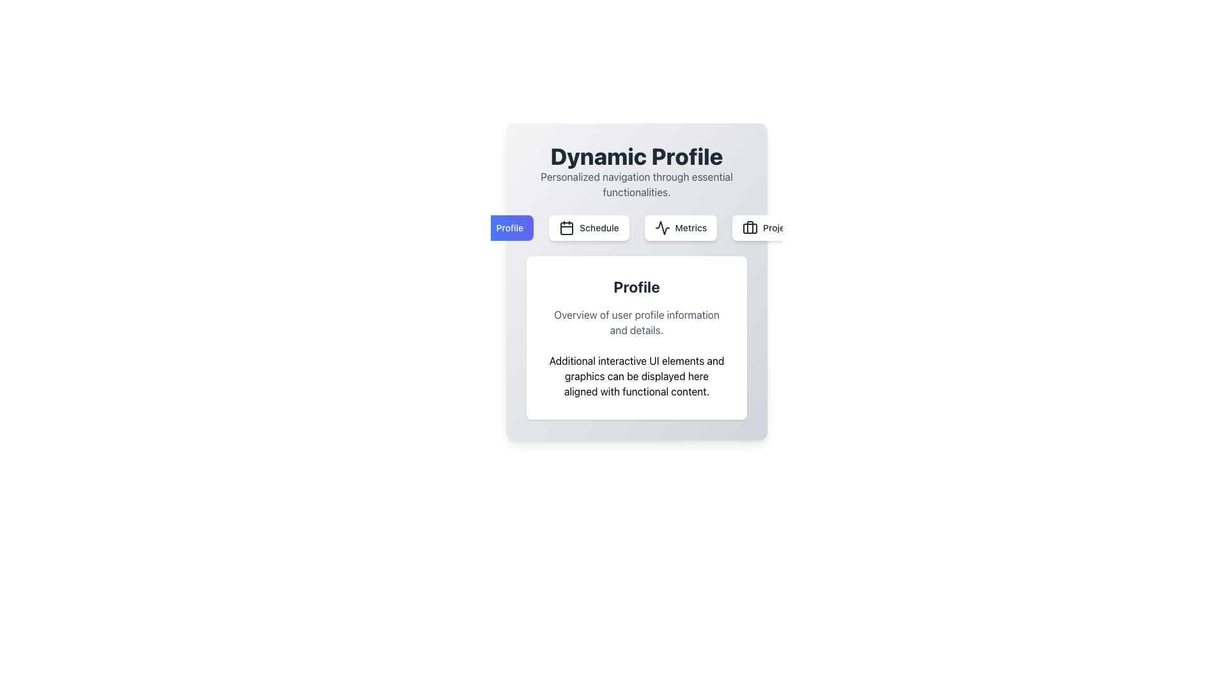 The width and height of the screenshot is (1227, 690). What do you see at coordinates (637, 185) in the screenshot?
I see `the static text element that reads 'Personalized navigation through essential functionalities.', located below the bold header 'Dynamic Profile.'` at bounding box center [637, 185].